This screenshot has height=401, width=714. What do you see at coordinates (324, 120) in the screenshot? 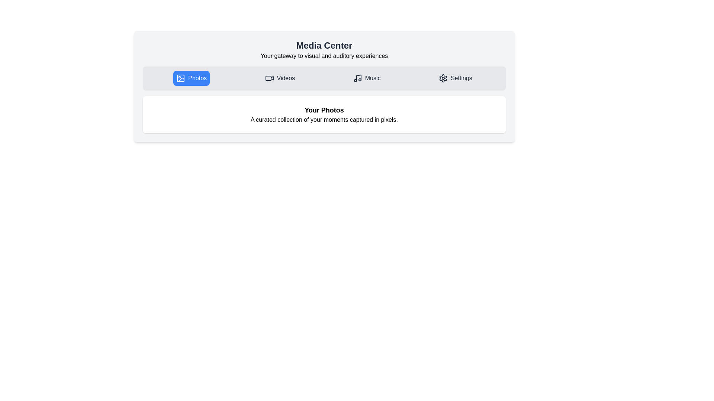
I see `the Text Label that provides a descriptive subtitle for the 'Your Photos' section, located directly beneath the 'Your Photos' element` at bounding box center [324, 120].